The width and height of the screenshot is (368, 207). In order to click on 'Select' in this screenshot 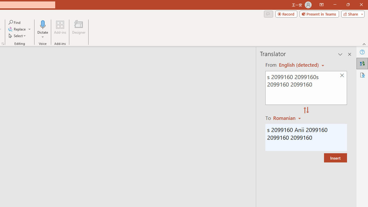, I will do `click(18, 36)`.